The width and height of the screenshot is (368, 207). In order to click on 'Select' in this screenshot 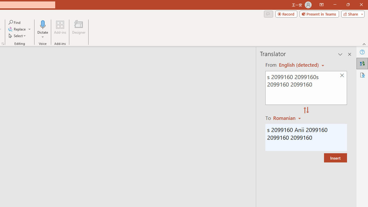, I will do `click(18, 36)`.